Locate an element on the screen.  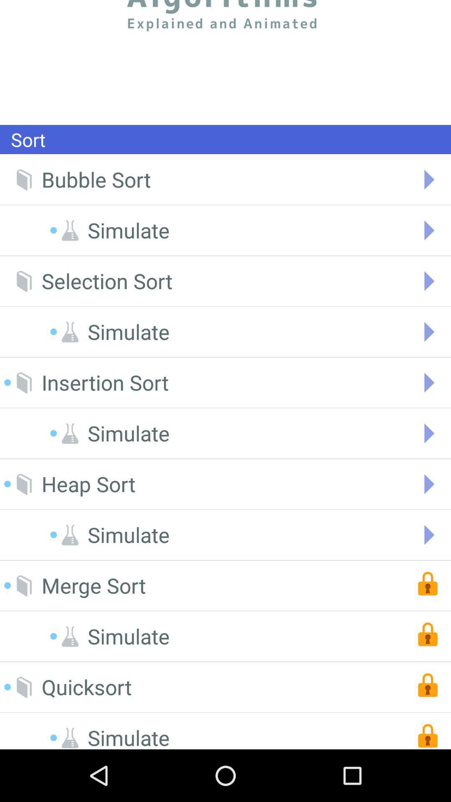
bubble sort icon is located at coordinates (96, 179).